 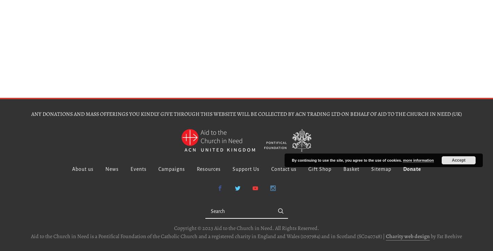 I want to click on 'Contact us', so click(x=284, y=169).